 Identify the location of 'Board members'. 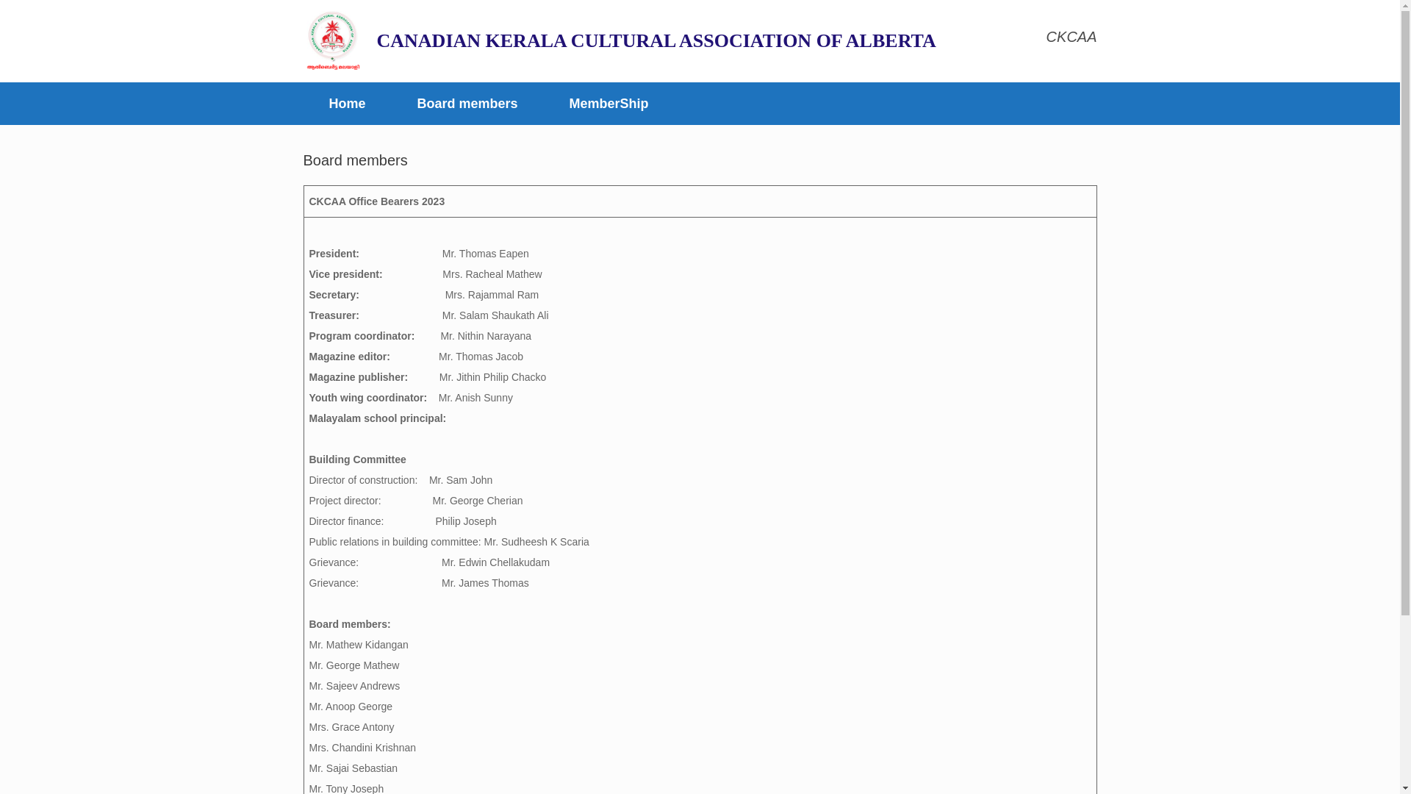
(467, 103).